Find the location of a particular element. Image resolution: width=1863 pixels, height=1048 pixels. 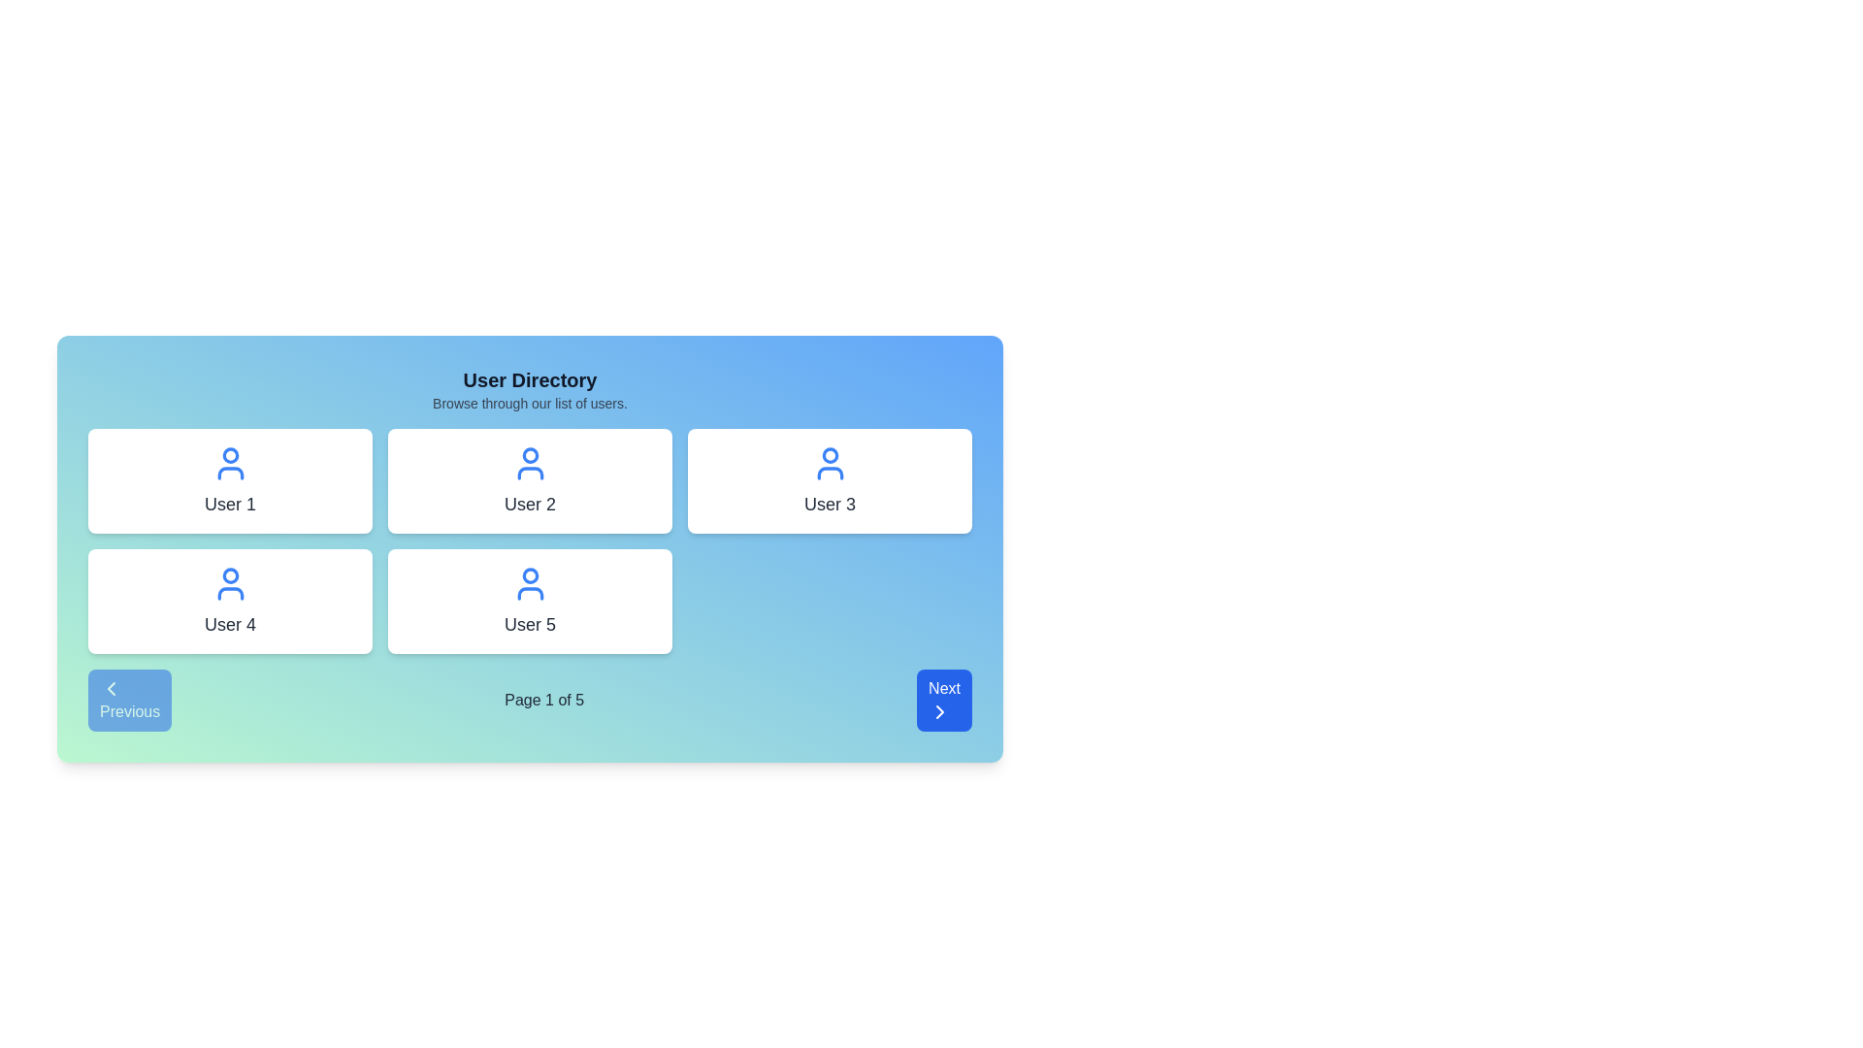

the text label that reads 'Browse through our list of users.', located directly below the title 'User Directory' in the header section is located at coordinates (530, 403).